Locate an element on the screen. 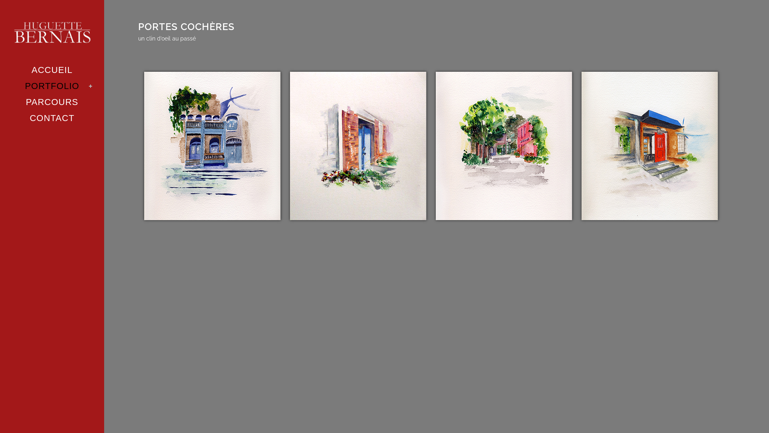 The image size is (769, 433). 'PORTFOLIO' is located at coordinates (51, 86).